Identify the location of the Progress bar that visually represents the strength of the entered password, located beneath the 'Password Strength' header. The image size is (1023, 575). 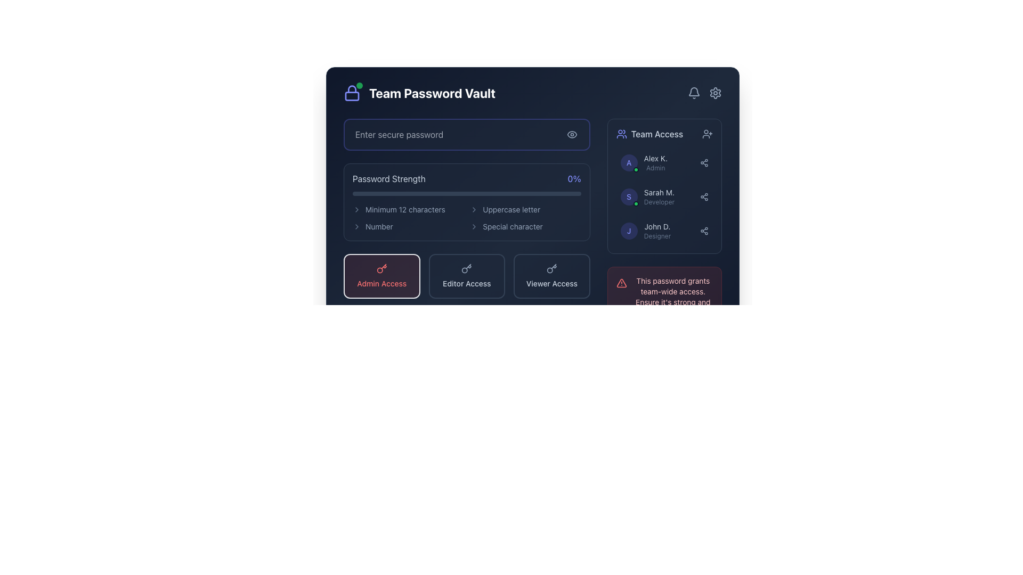
(467, 193).